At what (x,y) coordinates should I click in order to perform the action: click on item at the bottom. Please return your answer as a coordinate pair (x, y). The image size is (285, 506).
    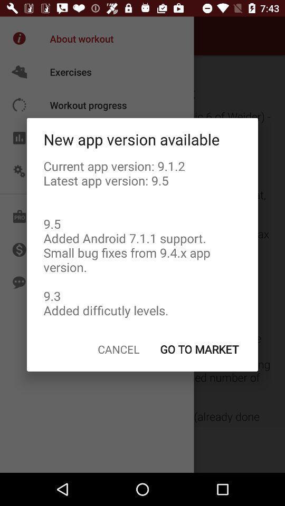
    Looking at the image, I should click on (118, 349).